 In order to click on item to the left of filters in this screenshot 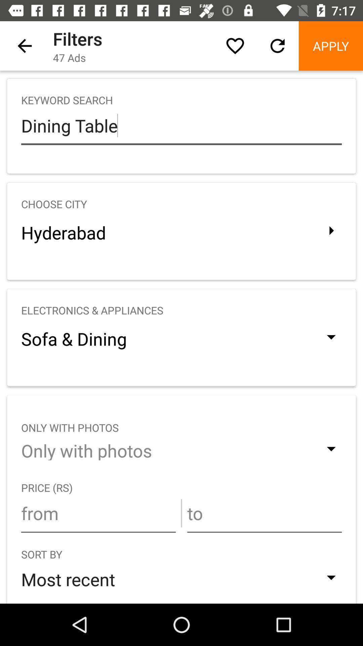, I will do `click(24, 45)`.